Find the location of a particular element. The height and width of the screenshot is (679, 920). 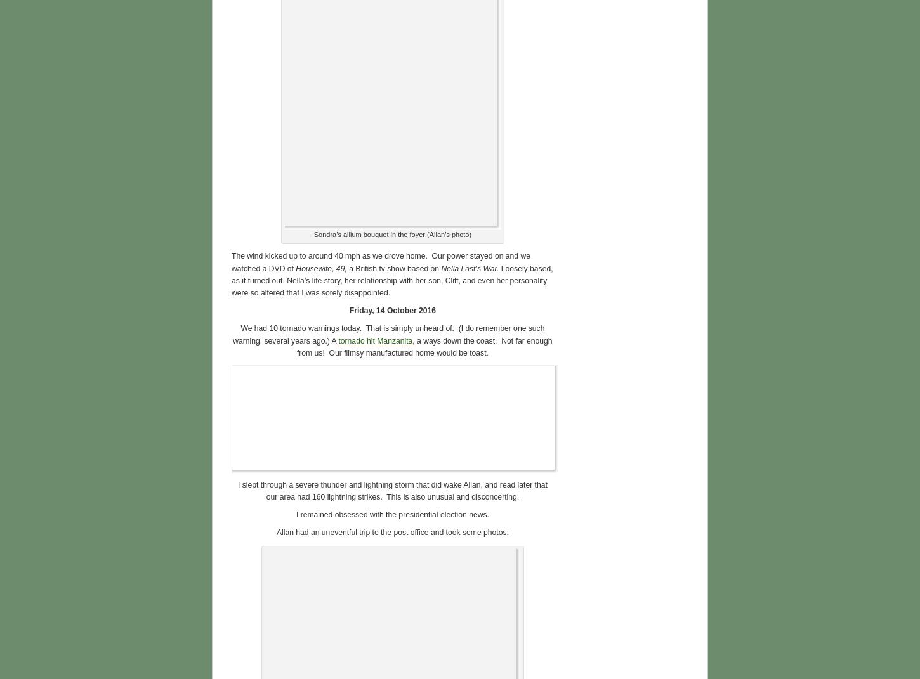

'Allan had an uneventful trip to the post office and took some photos:' is located at coordinates (391, 531).